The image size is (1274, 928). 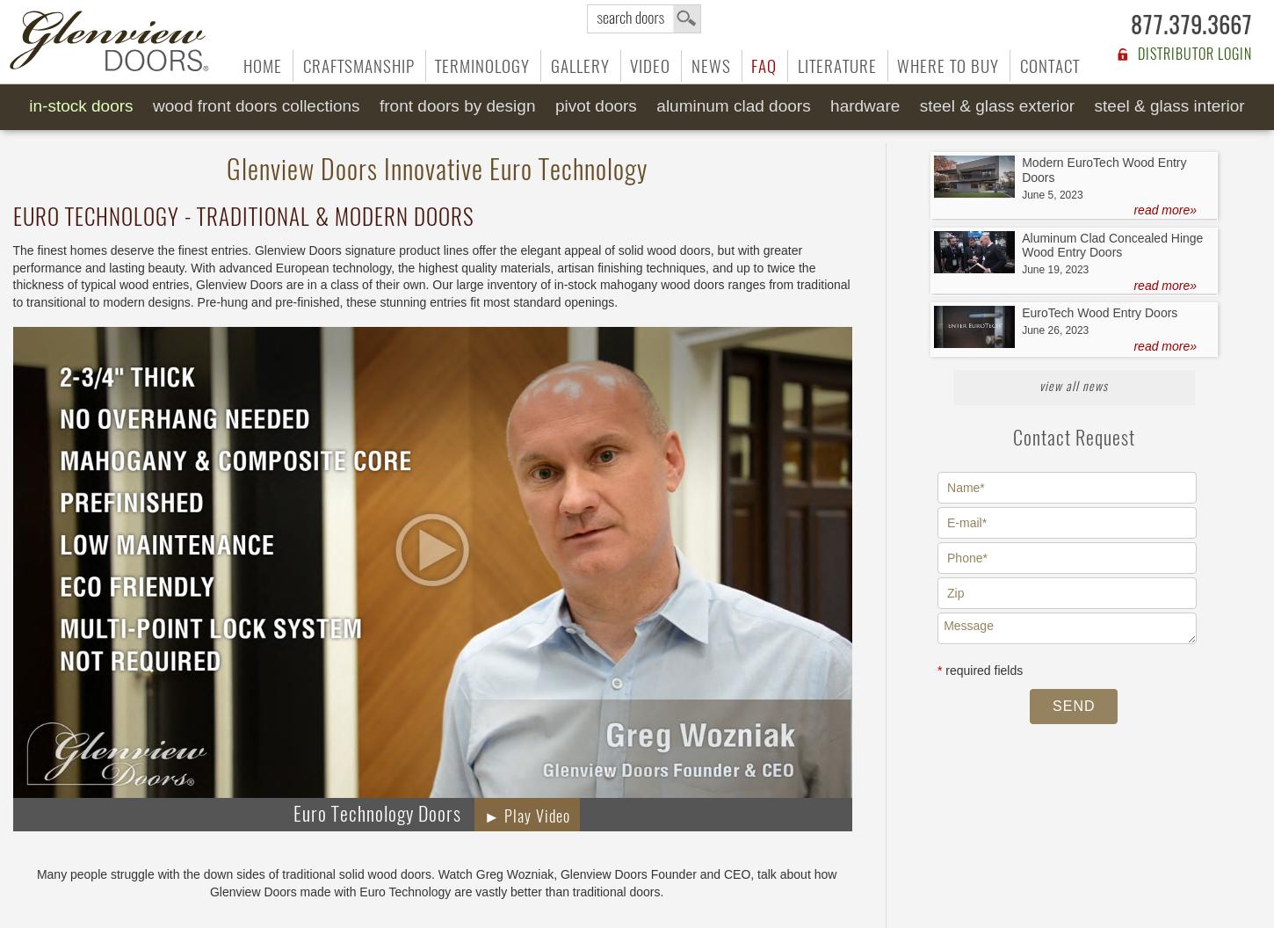 I want to click on 'The finest homes deserve the finest entries. Glenview Doors signature product lines offer the elegant appeal of solid wood doors, but with greater performance and lasting beauty. With advanced European technology, the highest quality materials, artisan finishing techniques, and up to twice the thickness of typical wood entries, Glenview Doors are in a class of their own. Our large inventory of in-stock mahogany wood doors ranges from traditional to transitional to modern designs. Pre-hung and pre-finished, these stunning entries fit most standard openings.', so click(x=431, y=275).